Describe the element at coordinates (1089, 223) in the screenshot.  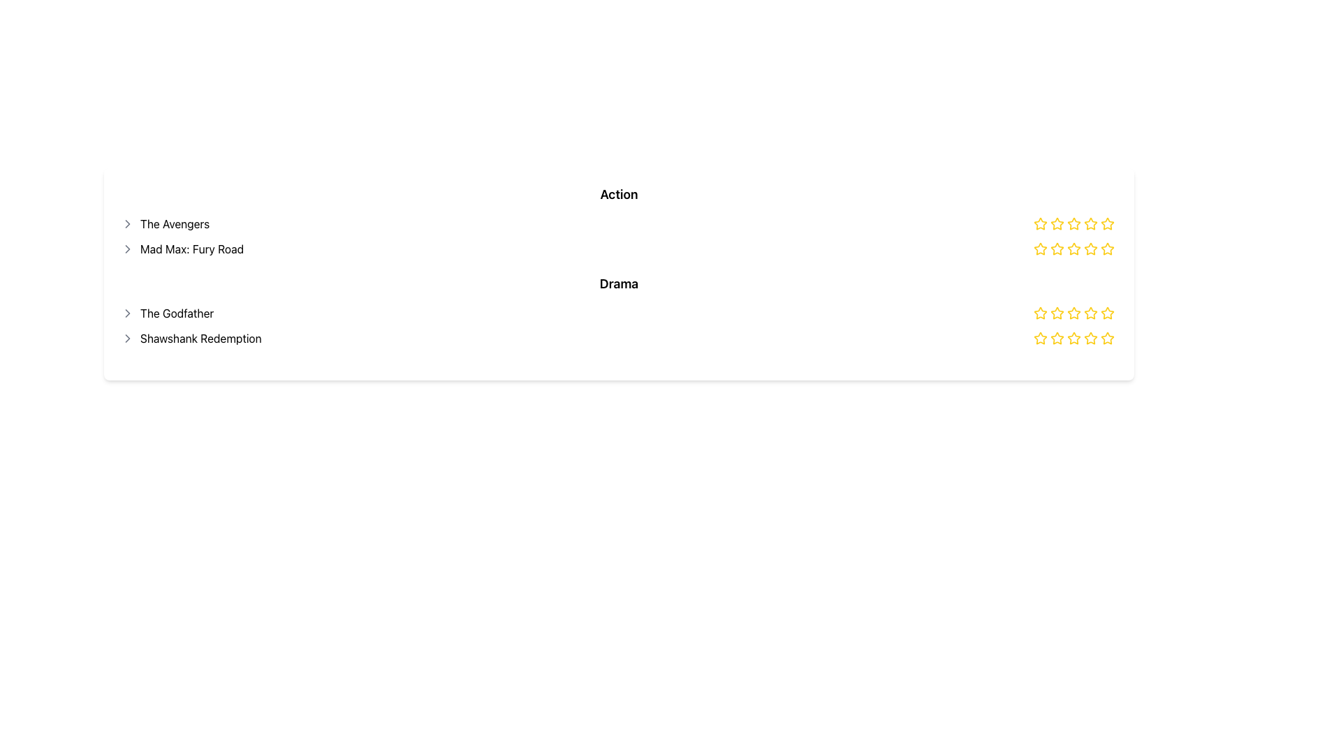
I see `the third star in the top row of the rating system for the movie 'Mad Max: Fury Road' to rate it` at that location.